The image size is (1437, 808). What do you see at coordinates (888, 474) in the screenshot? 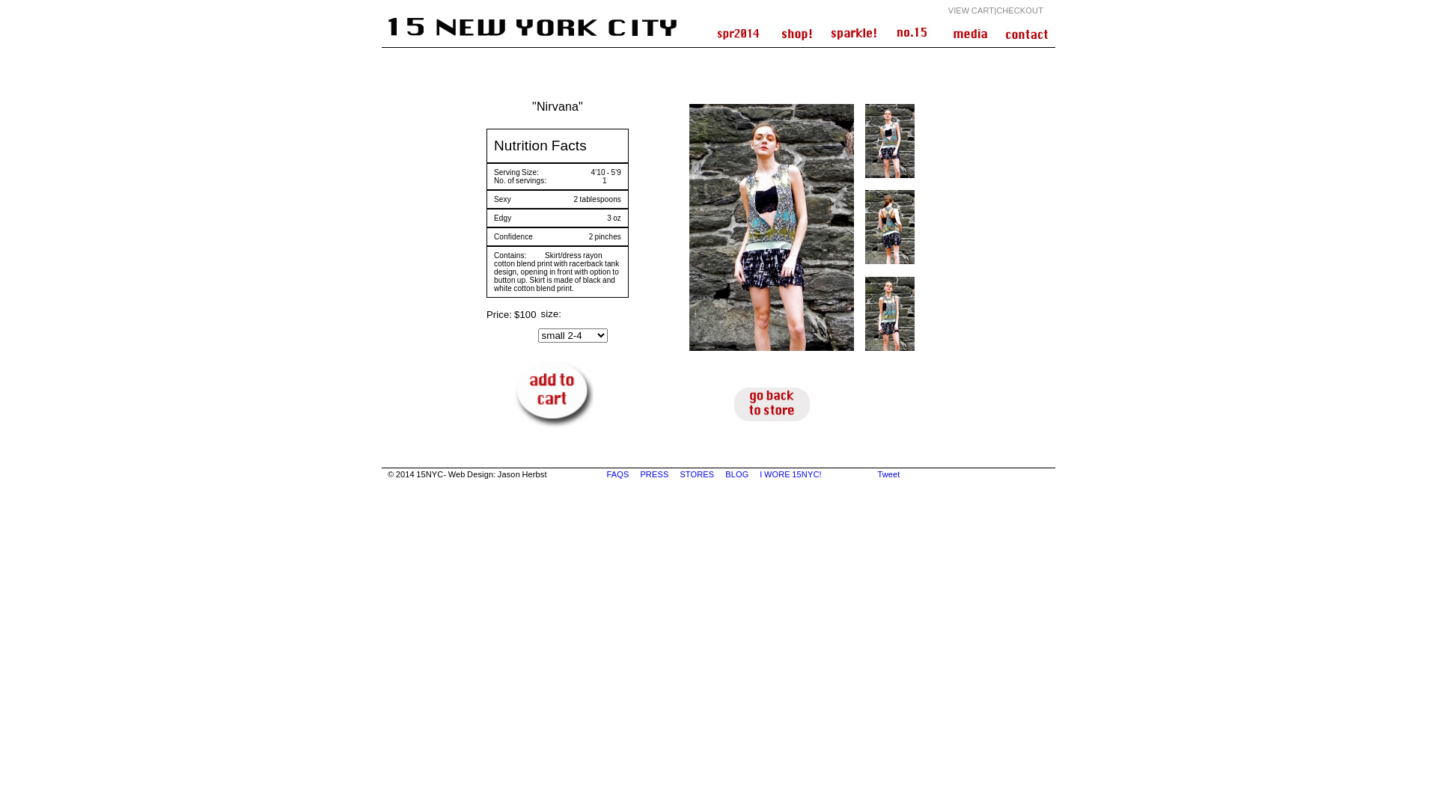
I see `'Tweet'` at bounding box center [888, 474].